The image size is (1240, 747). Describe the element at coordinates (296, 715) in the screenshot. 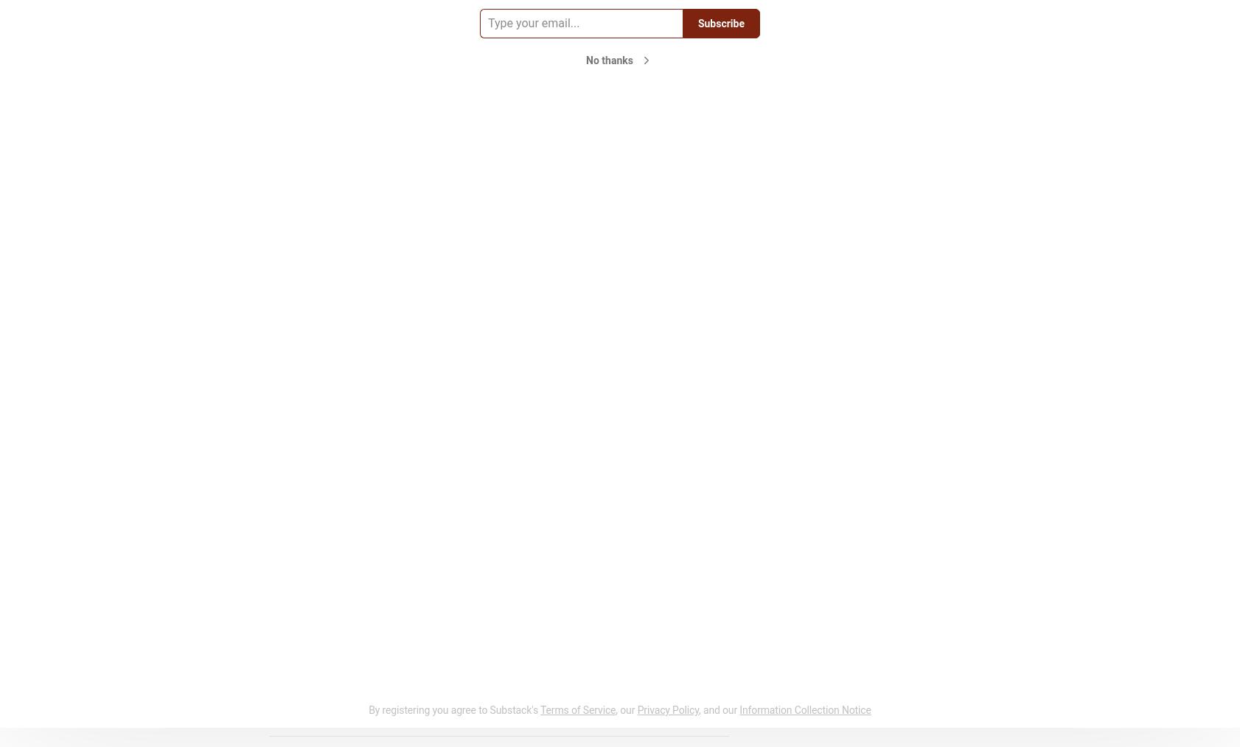

I see `'4'` at that location.